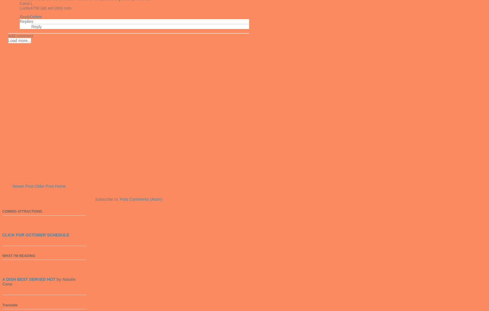 This screenshot has width=489, height=311. Describe the element at coordinates (26, 3) in the screenshot. I see `'Carol L'` at that location.